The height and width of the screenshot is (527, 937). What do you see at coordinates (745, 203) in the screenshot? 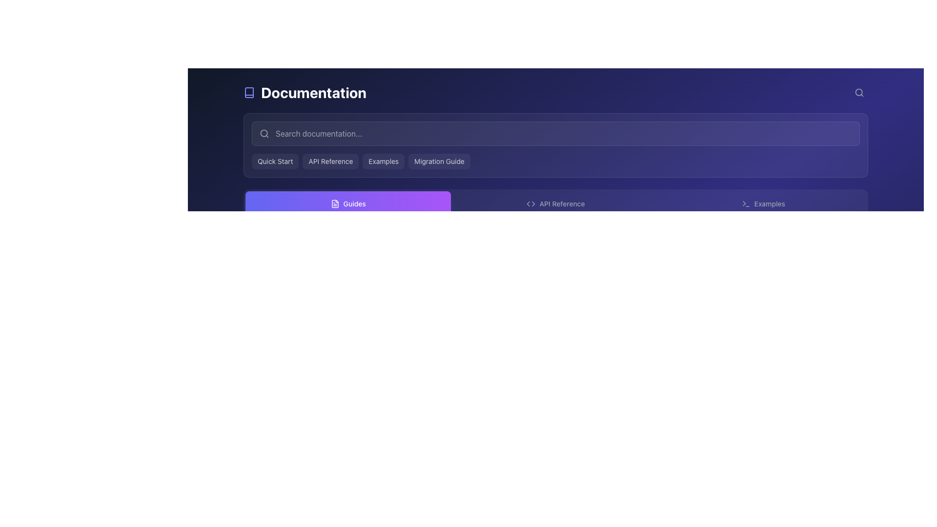
I see `the terminal prompt SVG icon located within the 'Examples' button on the top navigation bar` at bounding box center [745, 203].